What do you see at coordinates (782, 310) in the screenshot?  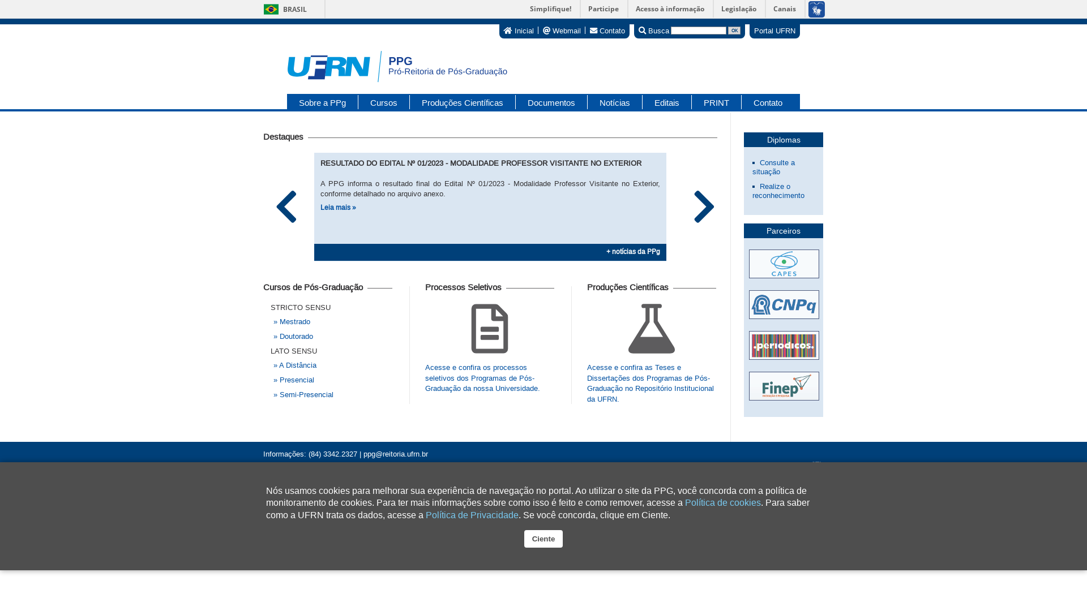 I see `'Acessar site da CNPQ'` at bounding box center [782, 310].